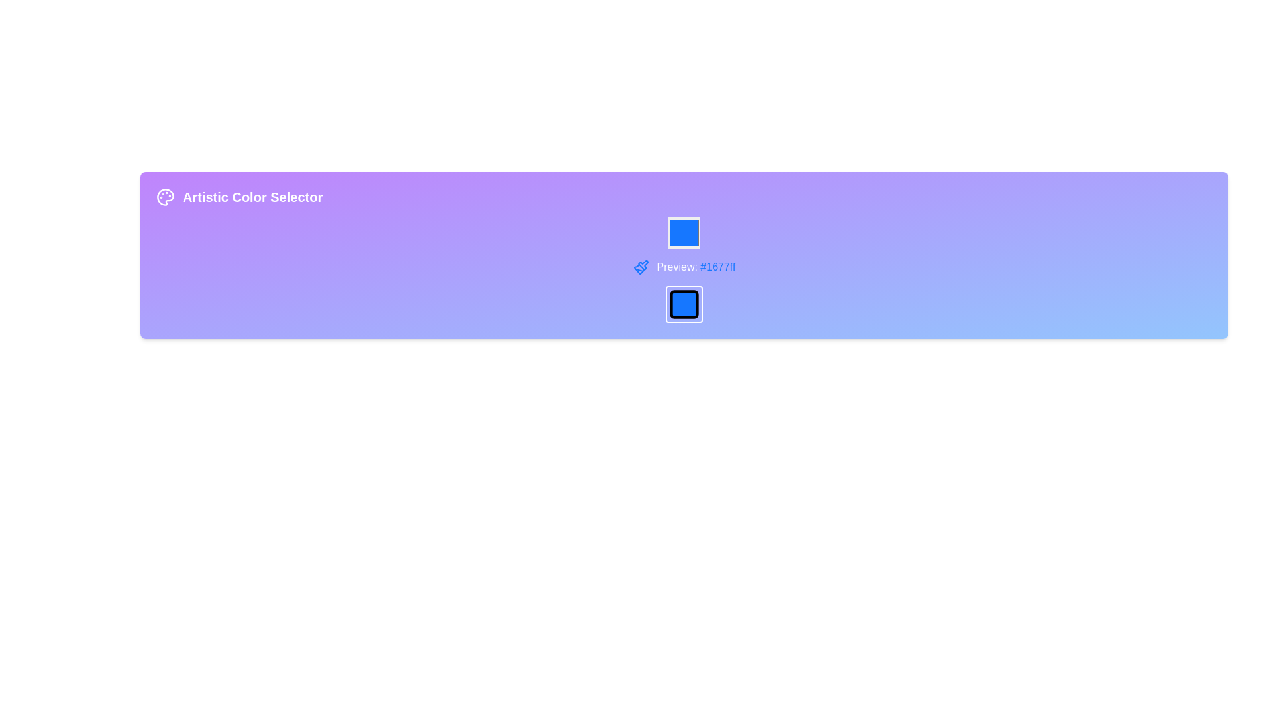 The image size is (1272, 715). What do you see at coordinates (684, 267) in the screenshot?
I see `the Text Label with Icon that displays the color preview '#1677ff' and includes a paintbrush icon, located centrally below the color picker` at bounding box center [684, 267].